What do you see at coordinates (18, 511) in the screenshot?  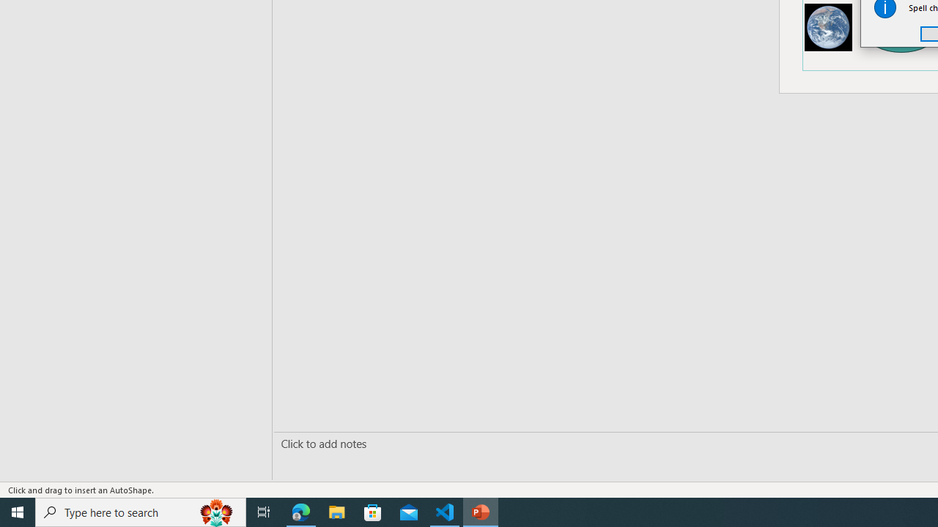 I see `'Start'` at bounding box center [18, 511].